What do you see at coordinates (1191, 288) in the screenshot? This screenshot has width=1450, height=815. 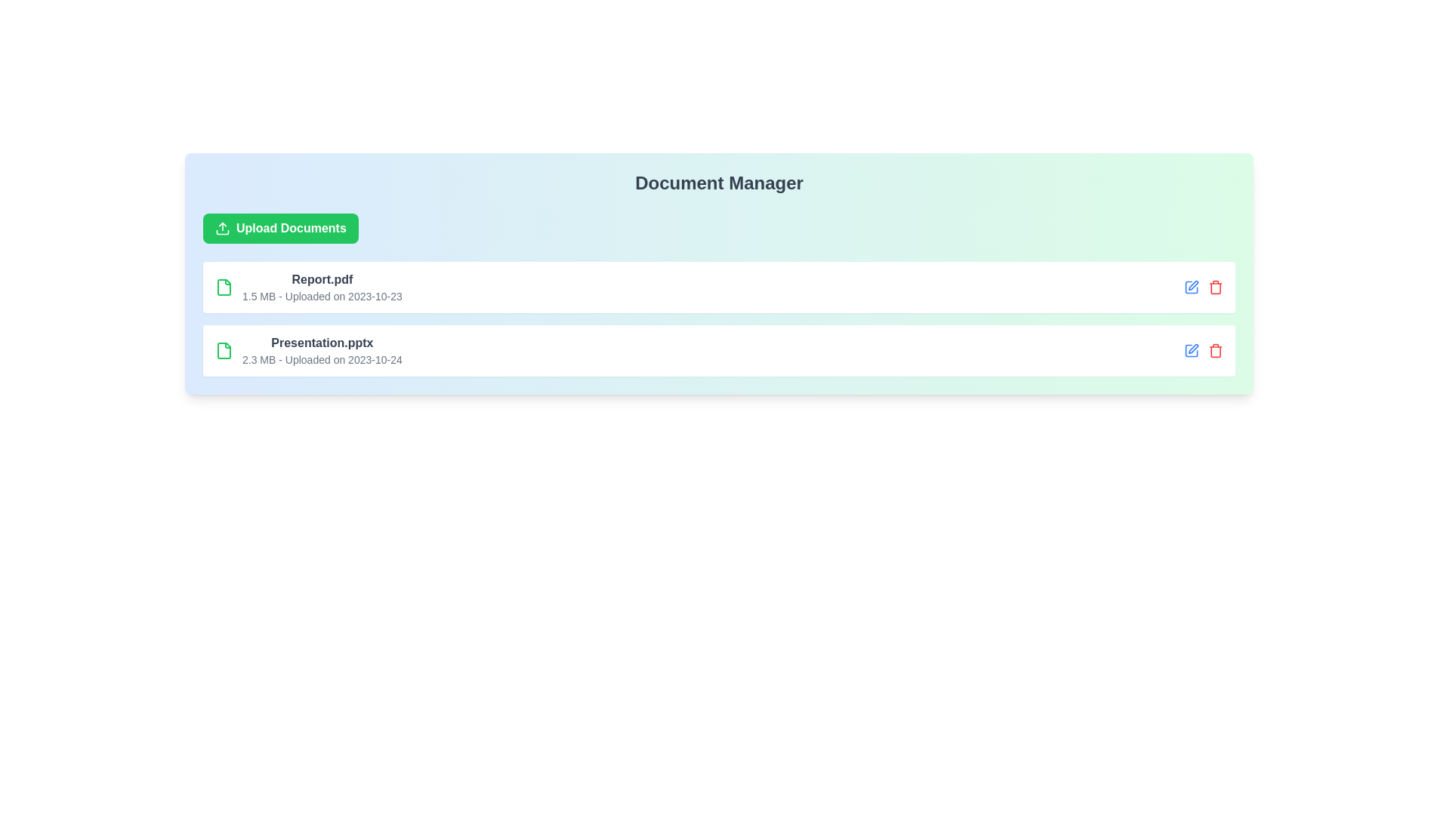 I see `the rectangular vector graphic with rounded corners that represents an editing icon, located within an SVG file to the right of 'Presentation.pptx'` at bounding box center [1191, 288].